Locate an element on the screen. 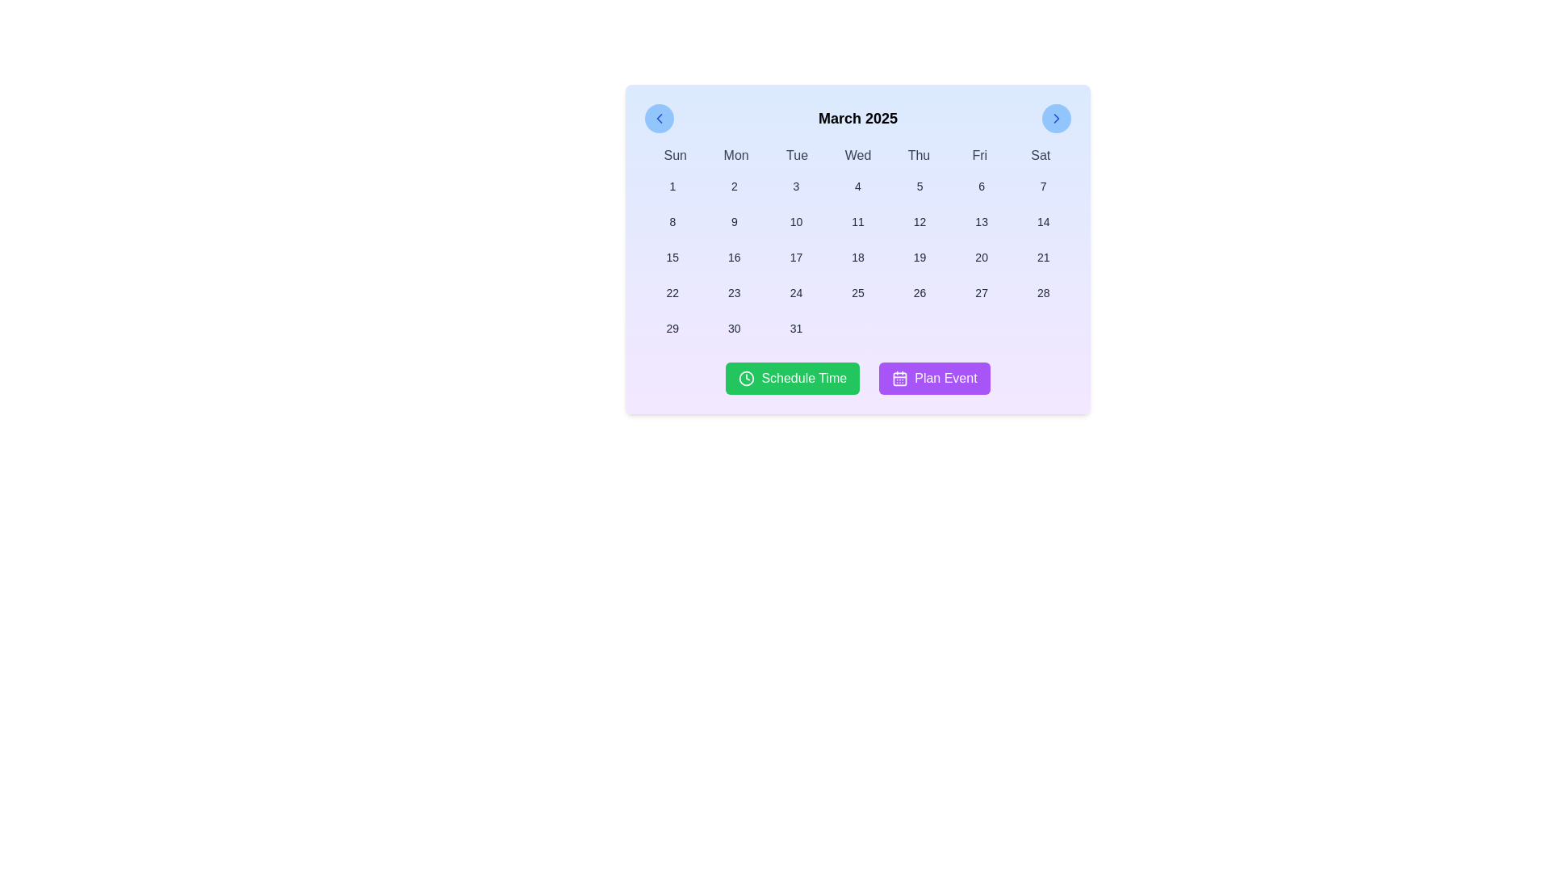 This screenshot has width=1550, height=872. the button representing the 29th day of the month in the displayed calendar is located at coordinates (672, 328).